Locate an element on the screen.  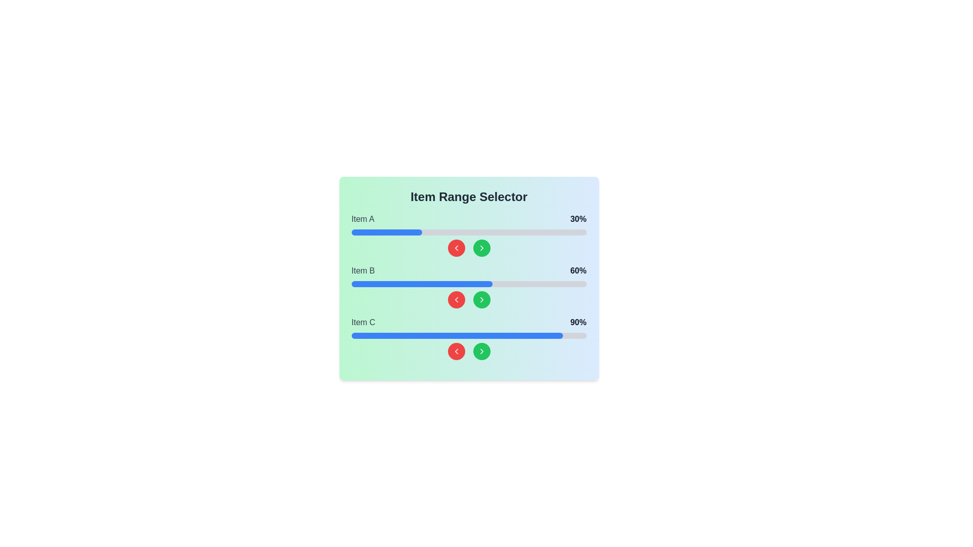
the leftward navigation button, which is a triangular chevron pointing left, to decrement the value is located at coordinates (456, 299).